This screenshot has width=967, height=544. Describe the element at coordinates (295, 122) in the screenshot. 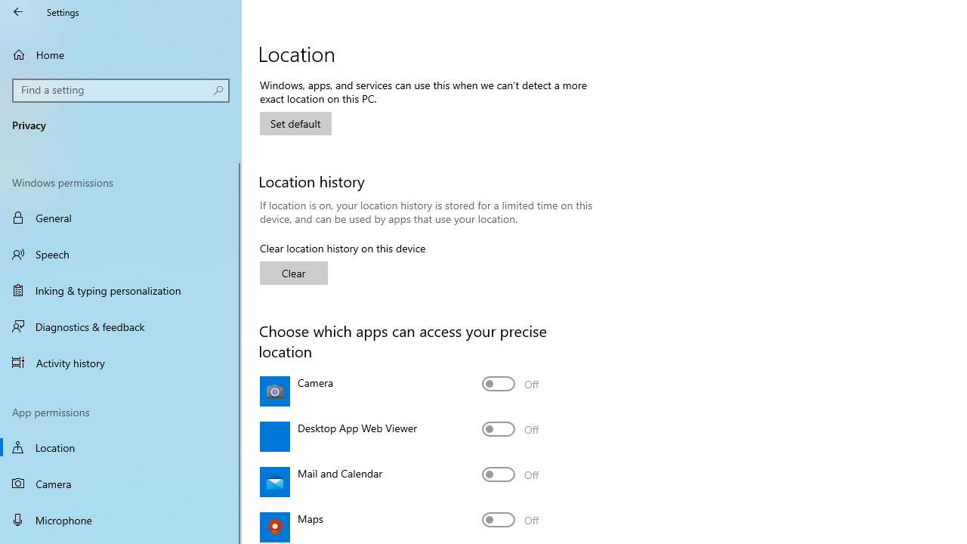

I see `'Set default'` at that location.